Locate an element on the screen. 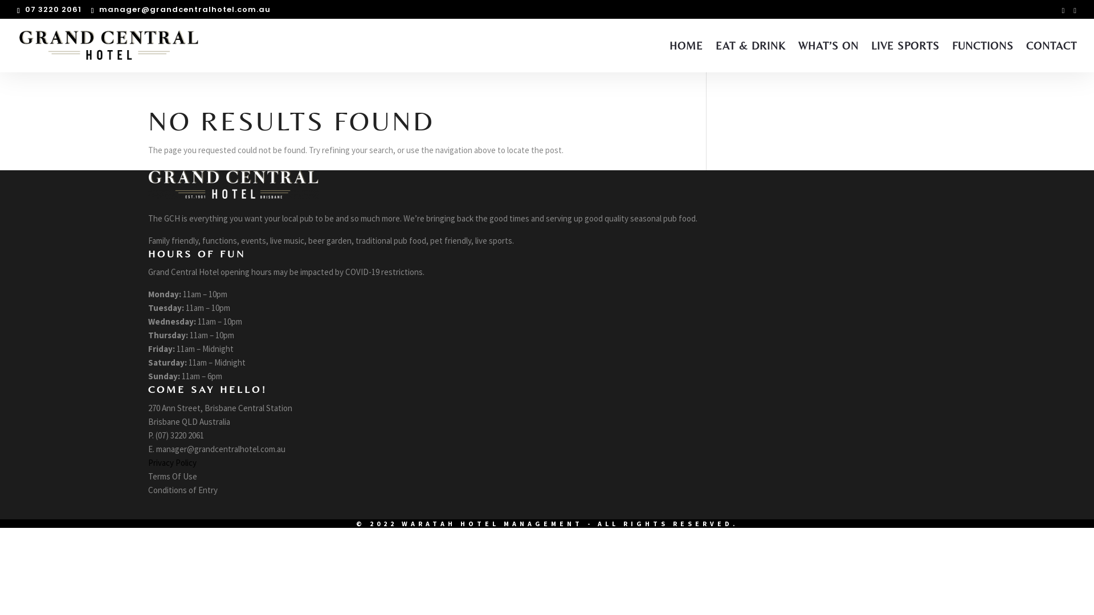 This screenshot has width=1094, height=615. 'FUNCTIONS' is located at coordinates (982, 56).